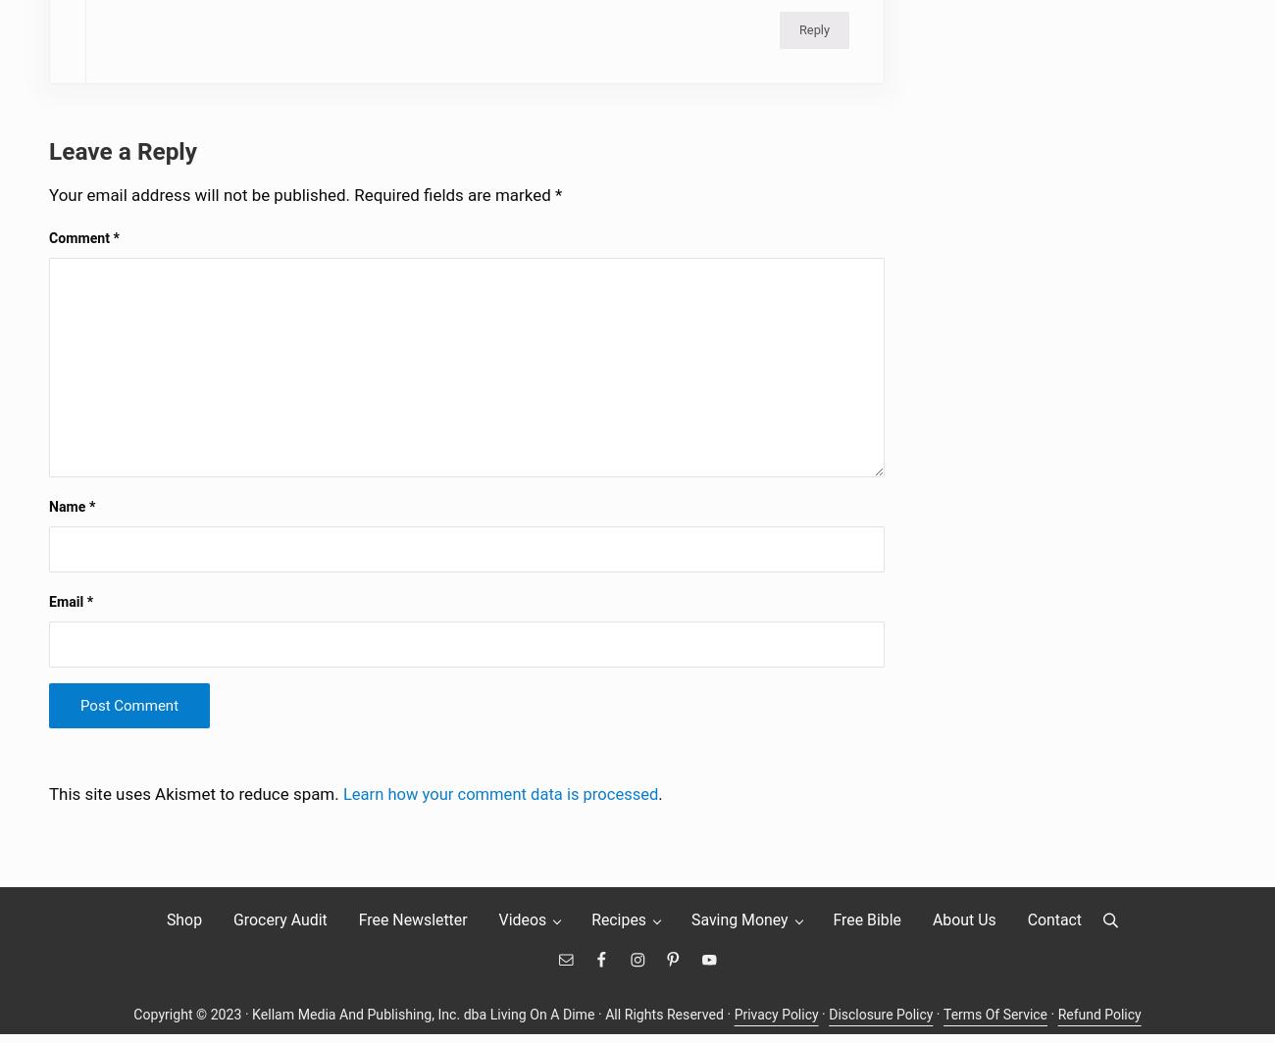 The image size is (1275, 1043). What do you see at coordinates (618, 932) in the screenshot?
I see `'Recipes'` at bounding box center [618, 932].